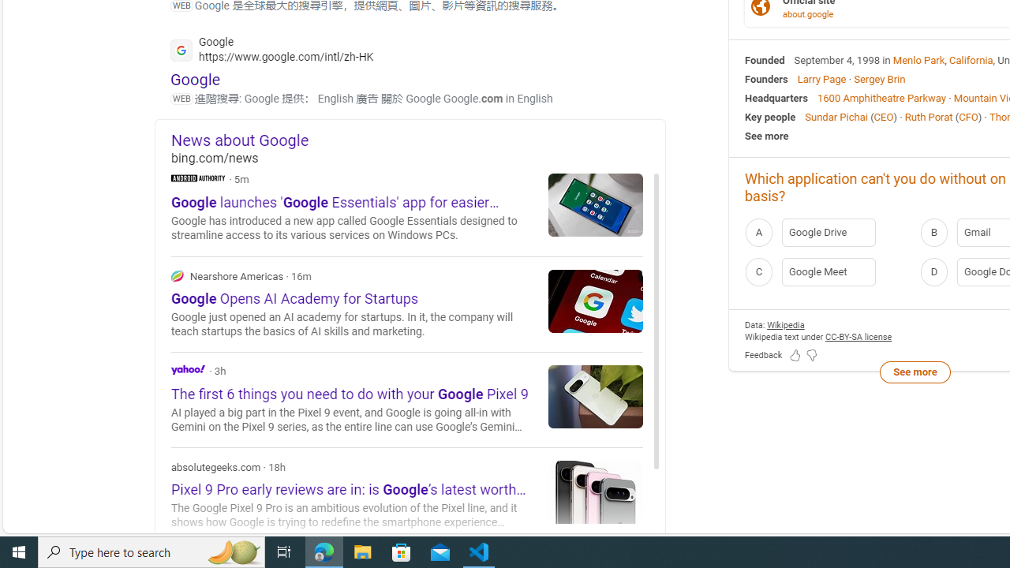  What do you see at coordinates (918, 58) in the screenshot?
I see `'Menlo Park'` at bounding box center [918, 58].